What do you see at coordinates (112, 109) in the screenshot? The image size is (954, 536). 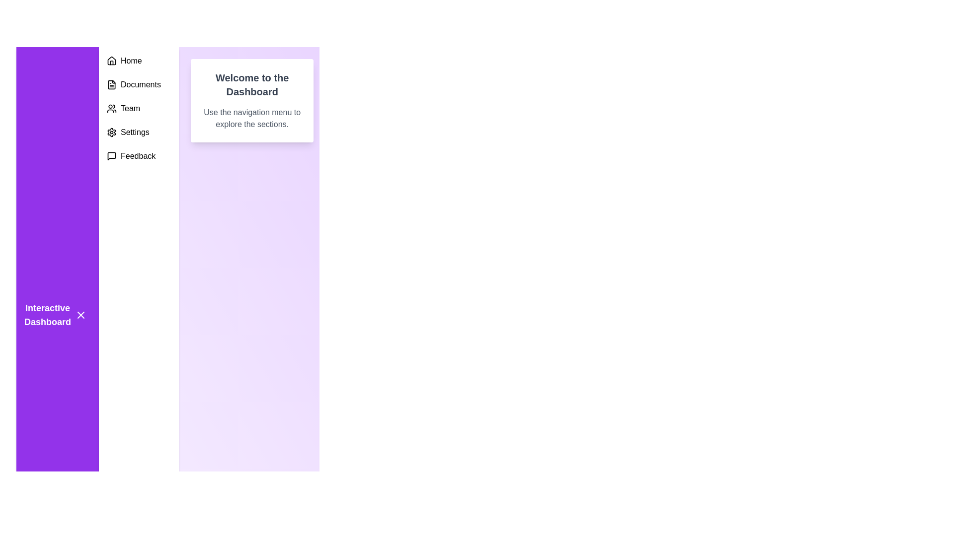 I see `the 'Team' icon in the vertical navigation menu` at bounding box center [112, 109].